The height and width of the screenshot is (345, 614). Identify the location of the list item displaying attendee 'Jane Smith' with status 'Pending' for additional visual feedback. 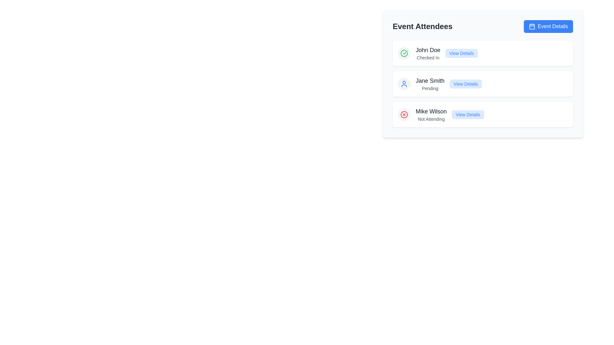
(483, 83).